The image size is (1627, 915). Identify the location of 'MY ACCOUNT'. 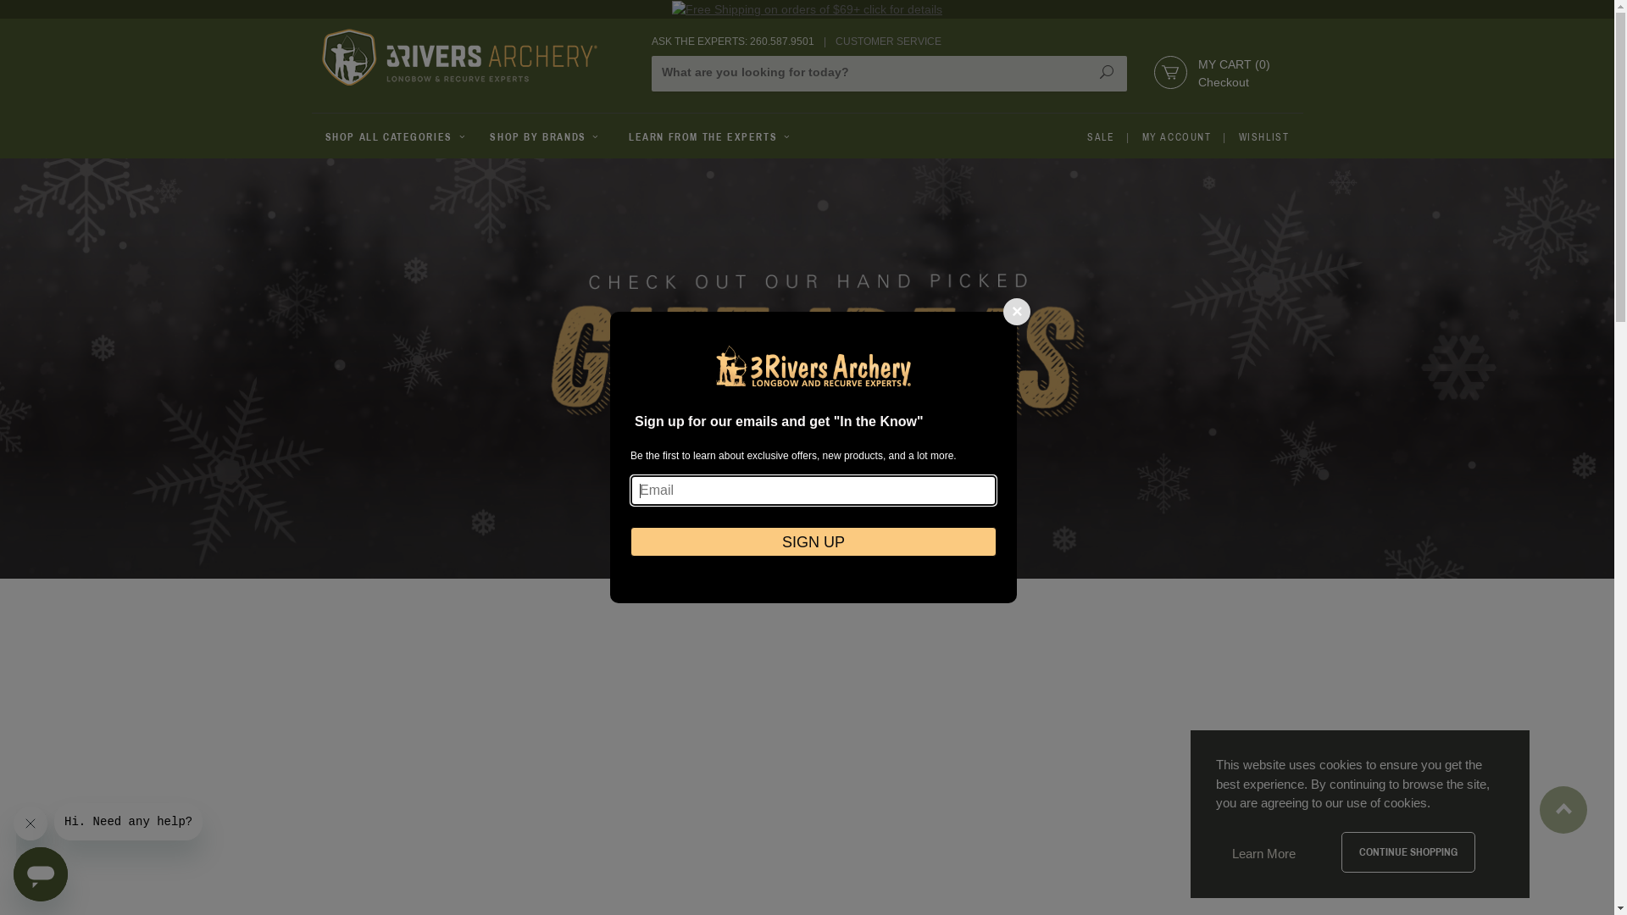
(1175, 136).